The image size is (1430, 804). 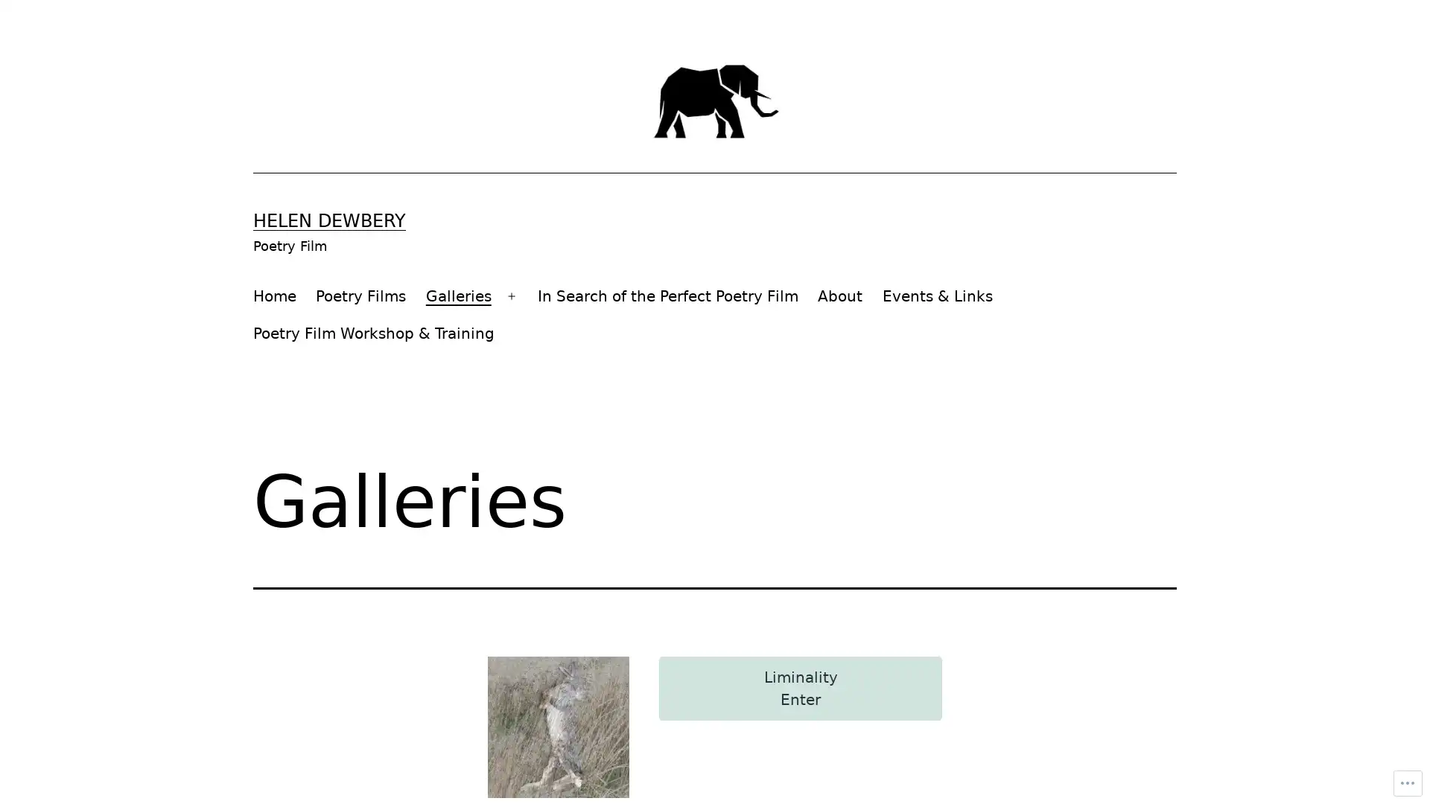 I want to click on Open menu, so click(x=511, y=296).